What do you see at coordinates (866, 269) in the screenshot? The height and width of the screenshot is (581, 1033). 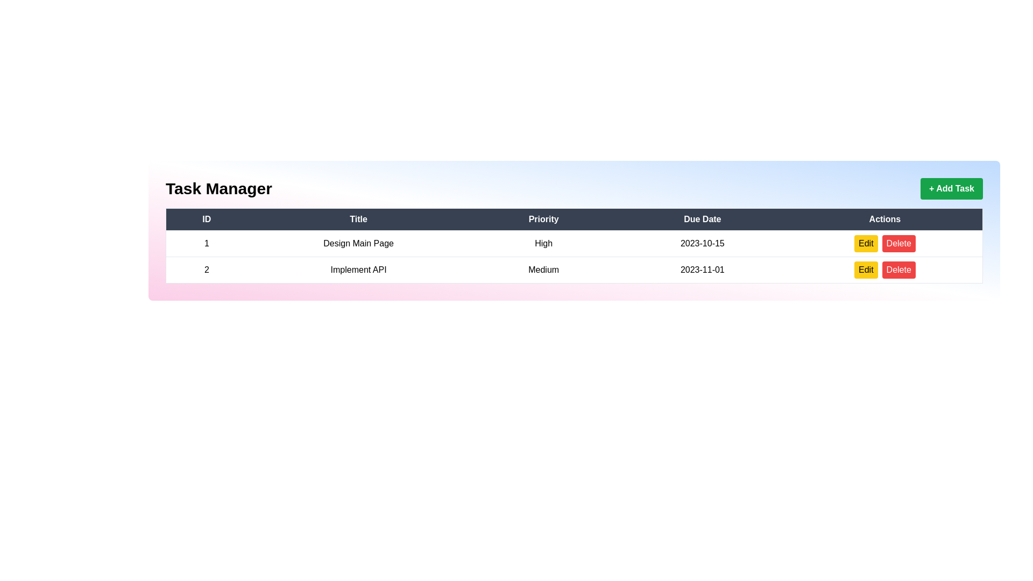 I see `the 'Edit' button, which has a yellow background, black bold text, and rounded corners, located` at bounding box center [866, 269].